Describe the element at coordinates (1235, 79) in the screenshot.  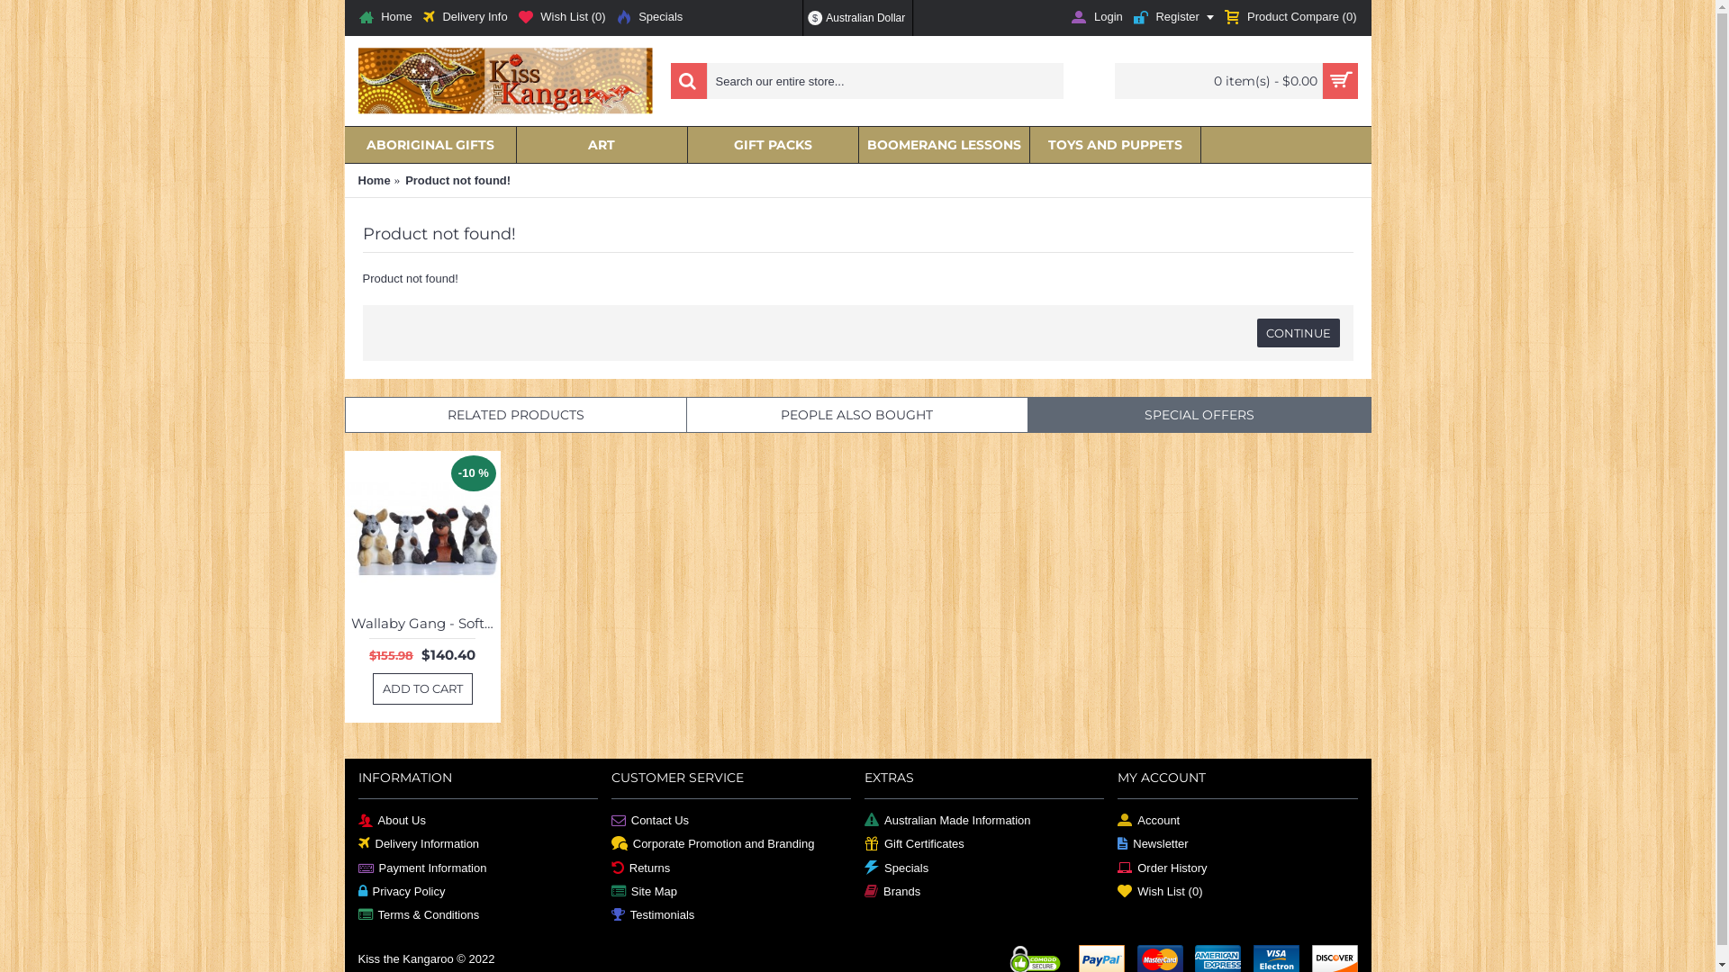
I see `'0 item(s) - $0.00'` at that location.